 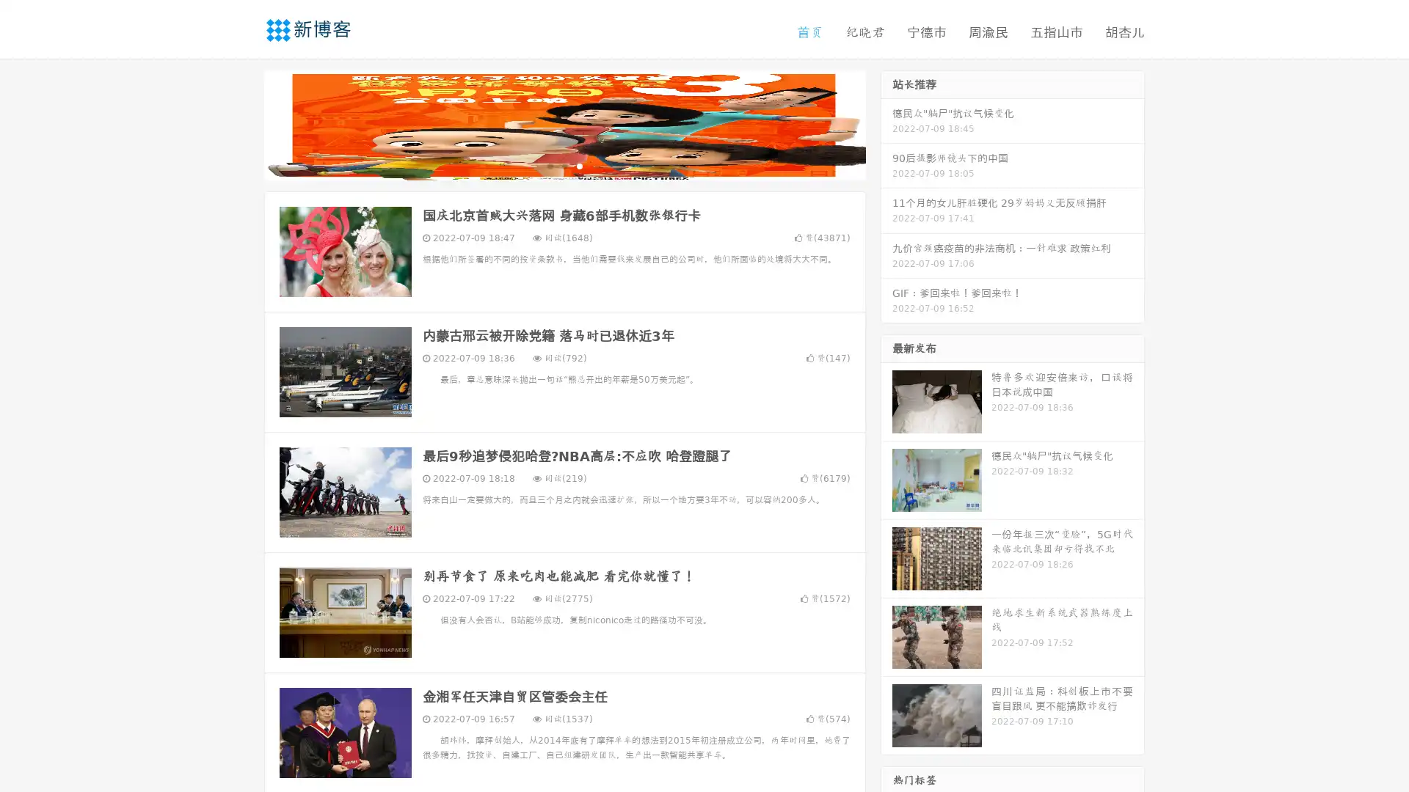 I want to click on Go to slide 3, so click(x=579, y=165).